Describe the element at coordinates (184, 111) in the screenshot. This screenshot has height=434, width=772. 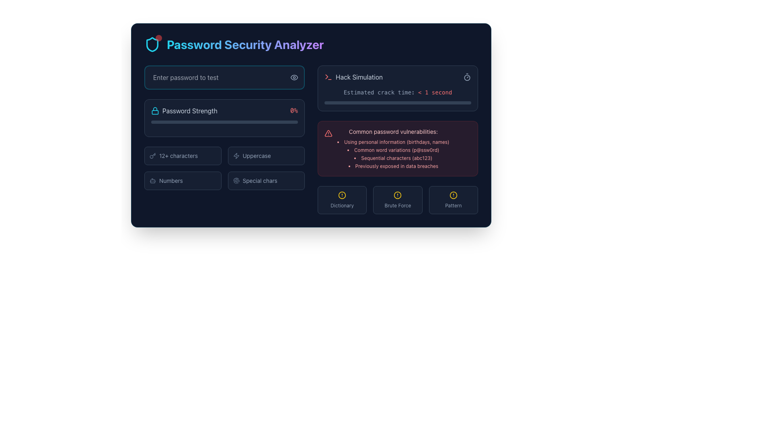
I see `the 'Password Strength' label with a lock icon styled in cyan, which is located below the 'Enter password to test' input field and is part of the password analysis details group` at that location.